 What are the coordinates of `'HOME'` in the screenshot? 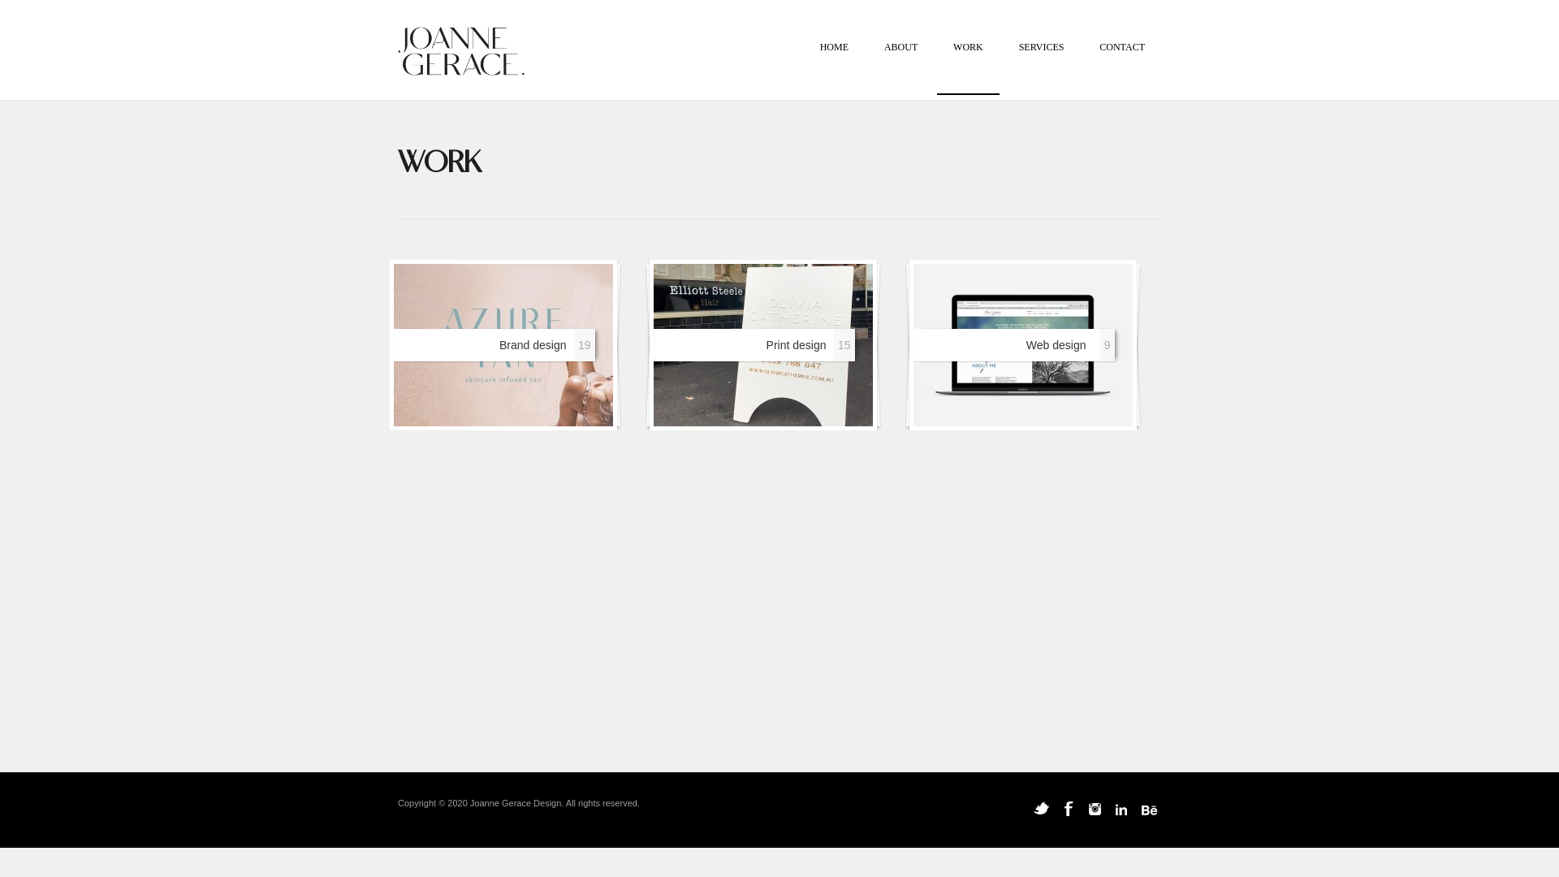 It's located at (834, 67).